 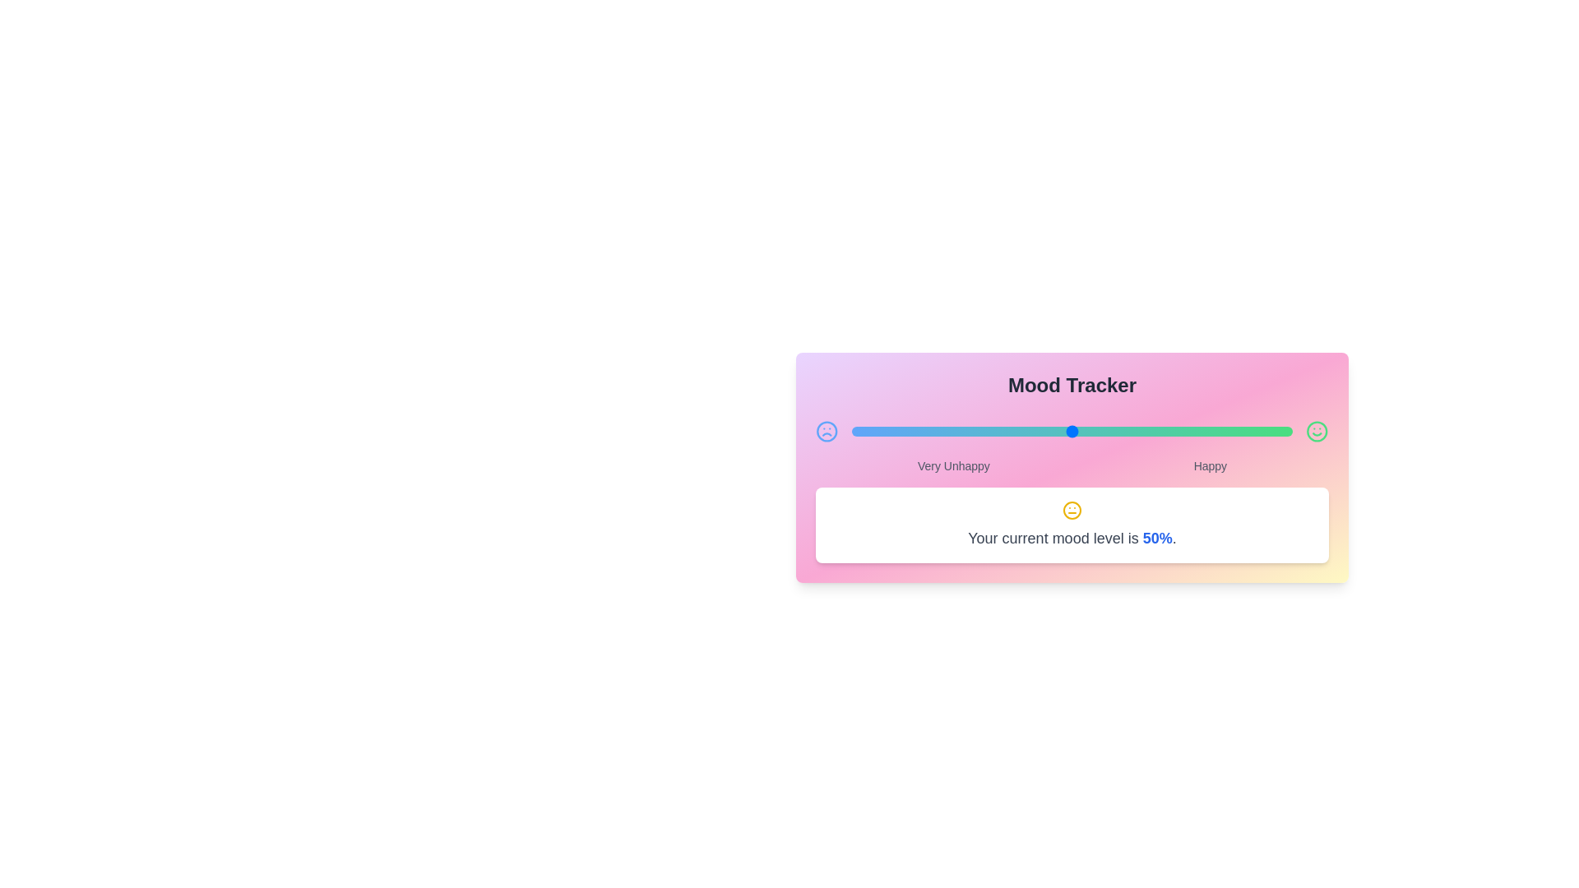 I want to click on the mood level to 3% using the slider, so click(x=864, y=430).